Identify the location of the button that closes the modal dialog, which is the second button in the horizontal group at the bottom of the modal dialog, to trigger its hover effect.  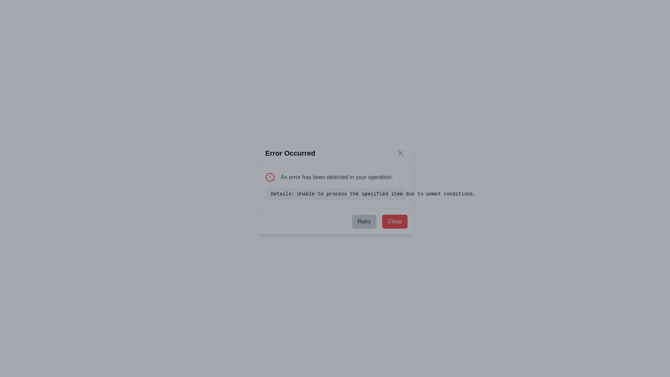
(395, 222).